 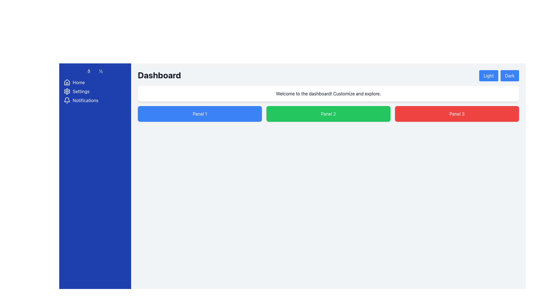 What do you see at coordinates (67, 82) in the screenshot?
I see `the 'Home' navigation icon located in the sidebar menu to potentially reveal additional information` at bounding box center [67, 82].